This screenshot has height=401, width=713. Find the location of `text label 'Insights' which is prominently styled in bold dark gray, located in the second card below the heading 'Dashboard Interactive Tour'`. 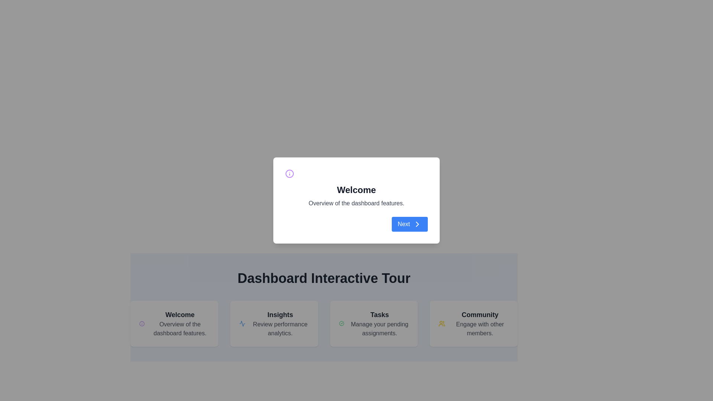

text label 'Insights' which is prominently styled in bold dark gray, located in the second card below the heading 'Dashboard Interactive Tour' is located at coordinates (280, 315).